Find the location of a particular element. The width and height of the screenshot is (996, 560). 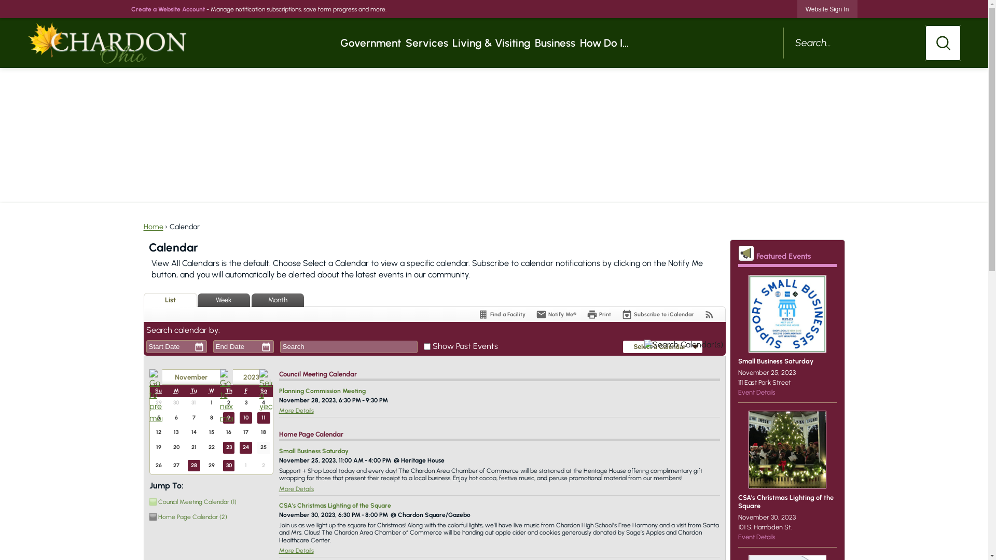

'Website Sign In' is located at coordinates (796, 9).